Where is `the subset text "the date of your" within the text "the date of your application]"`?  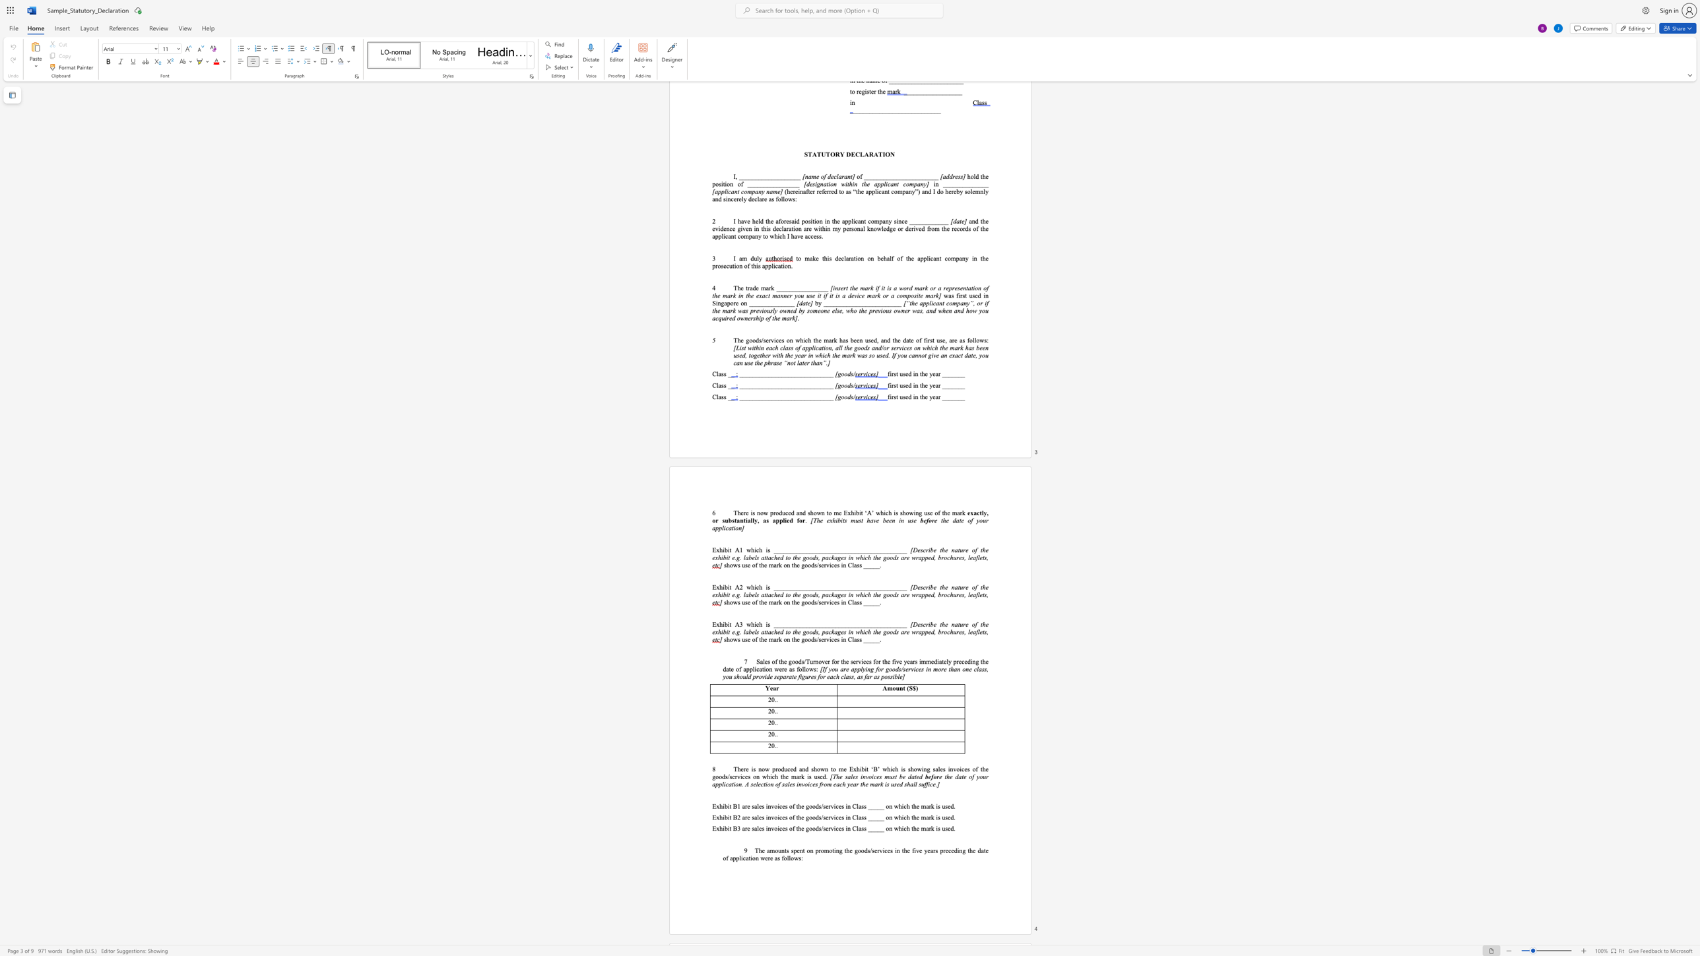
the subset text "the date of your" within the text "the date of your application]" is located at coordinates (941, 519).